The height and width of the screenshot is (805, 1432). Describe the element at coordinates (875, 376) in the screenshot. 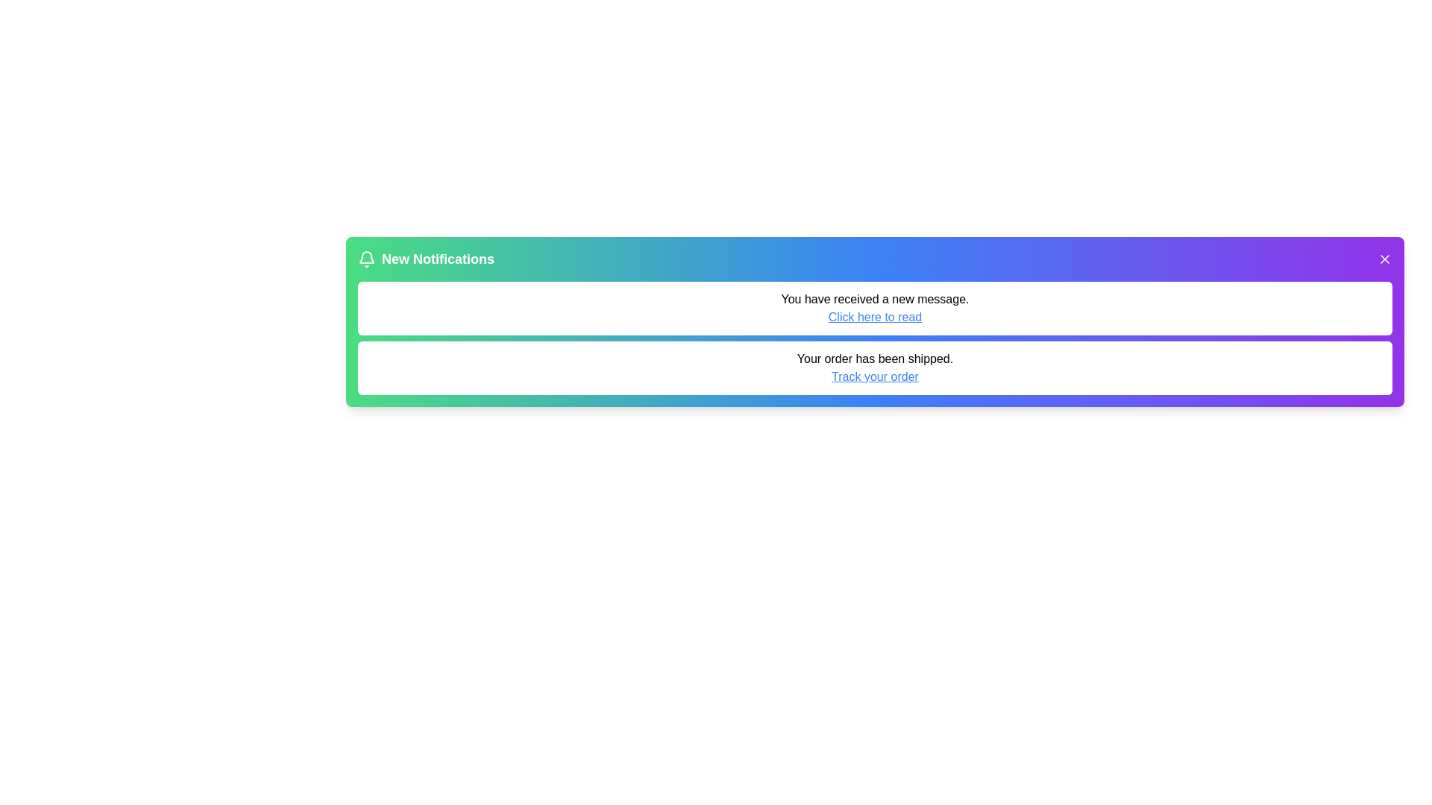

I see `the 'Track your order' hyperlink in the notification panel to observe a tooltip or styling change` at that location.